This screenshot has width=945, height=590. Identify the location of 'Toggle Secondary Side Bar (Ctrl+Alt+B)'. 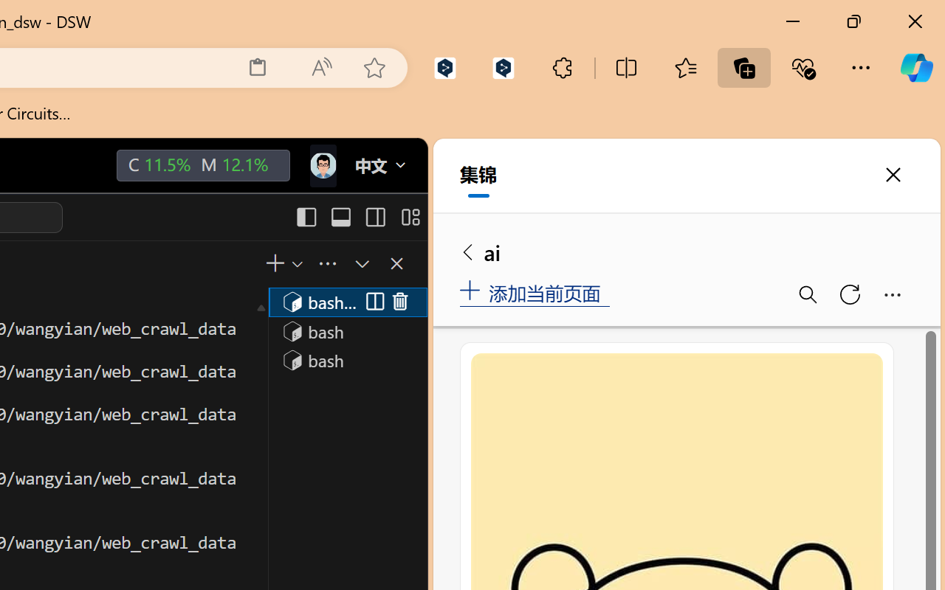
(374, 217).